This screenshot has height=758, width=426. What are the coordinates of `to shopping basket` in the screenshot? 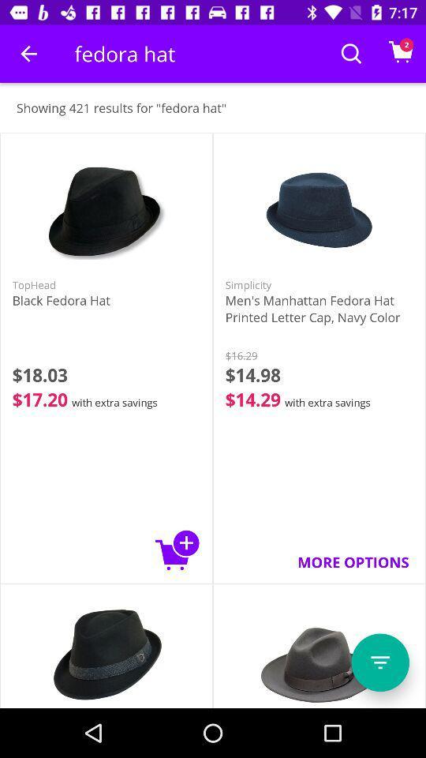 It's located at (177, 550).